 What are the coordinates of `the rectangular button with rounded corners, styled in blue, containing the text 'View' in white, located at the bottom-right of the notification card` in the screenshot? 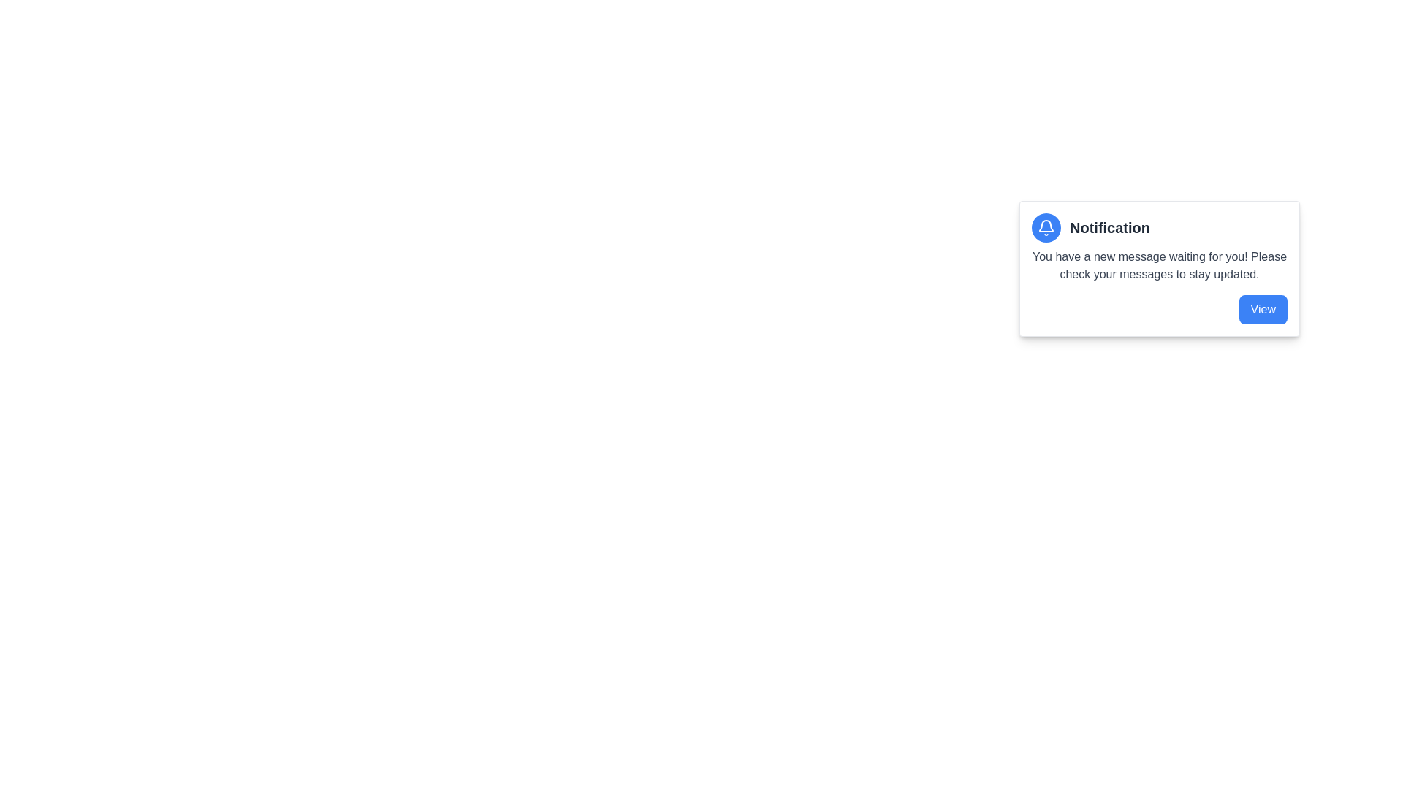 It's located at (1262, 309).